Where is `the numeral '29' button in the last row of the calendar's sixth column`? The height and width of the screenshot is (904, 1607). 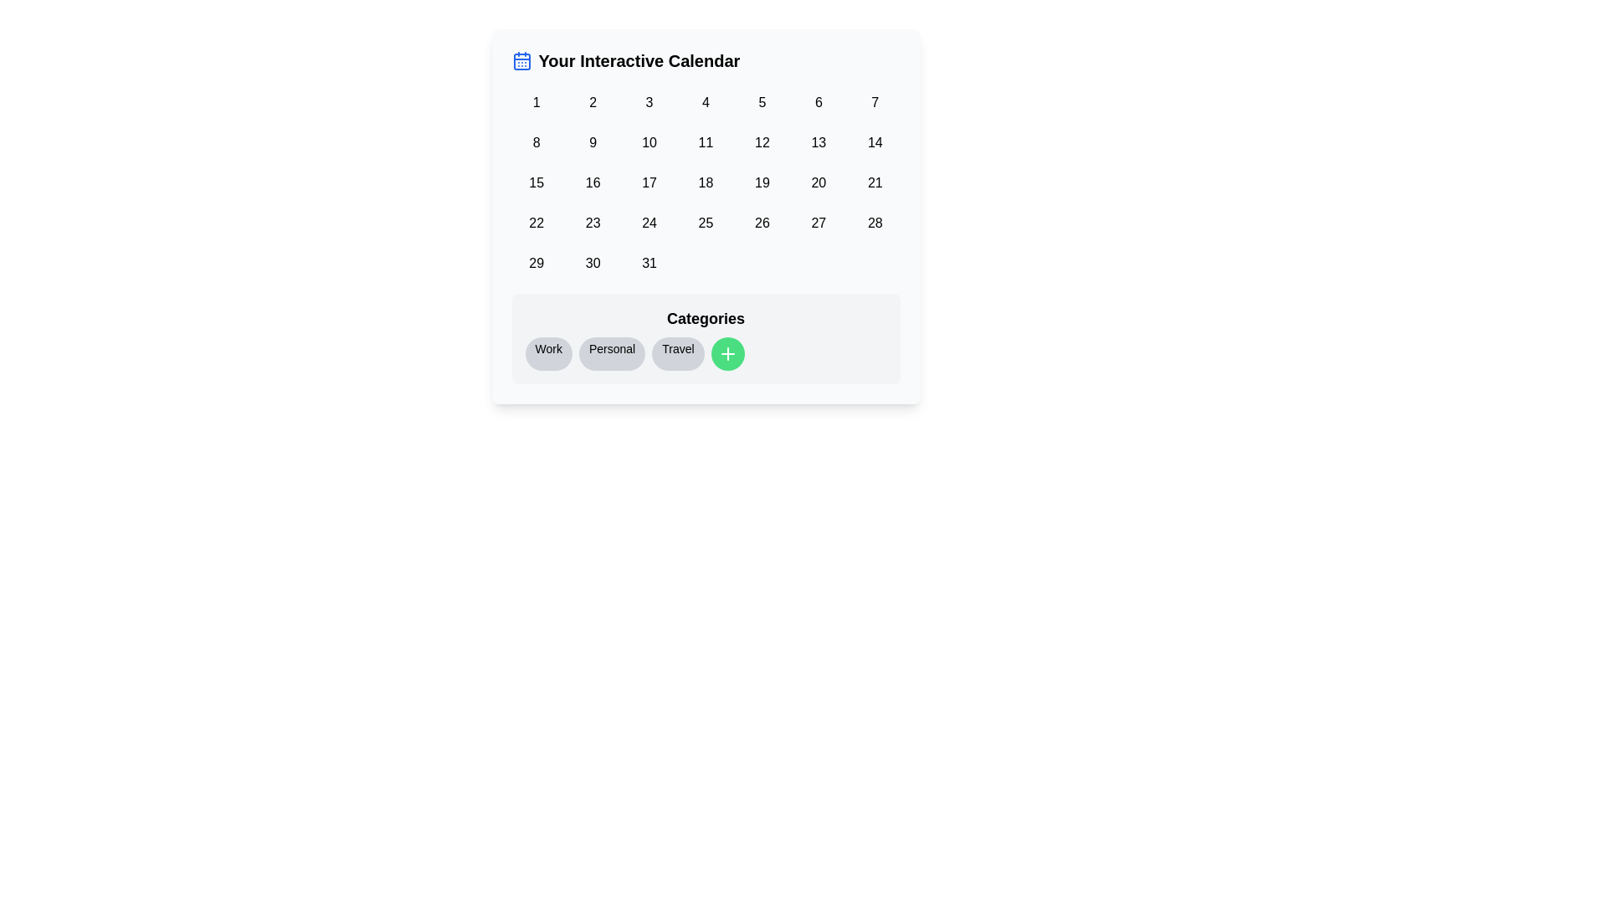
the numeral '29' button in the last row of the calendar's sixth column is located at coordinates (537, 264).